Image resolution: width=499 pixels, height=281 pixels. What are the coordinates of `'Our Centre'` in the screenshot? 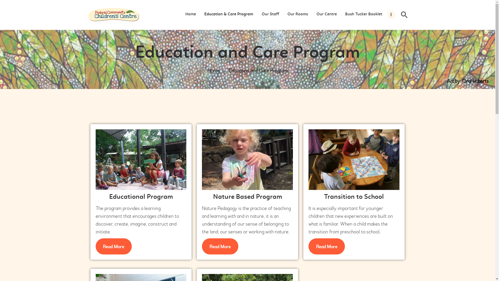 It's located at (312, 14).